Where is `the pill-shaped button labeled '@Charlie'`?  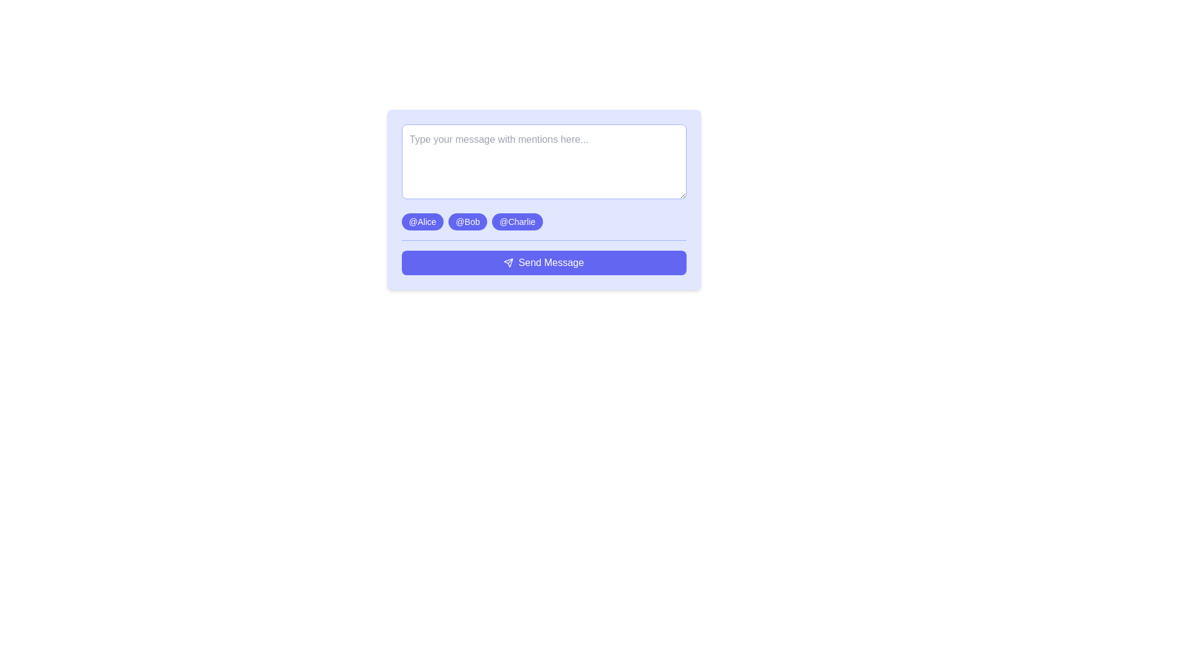 the pill-shaped button labeled '@Charlie' is located at coordinates (517, 222).